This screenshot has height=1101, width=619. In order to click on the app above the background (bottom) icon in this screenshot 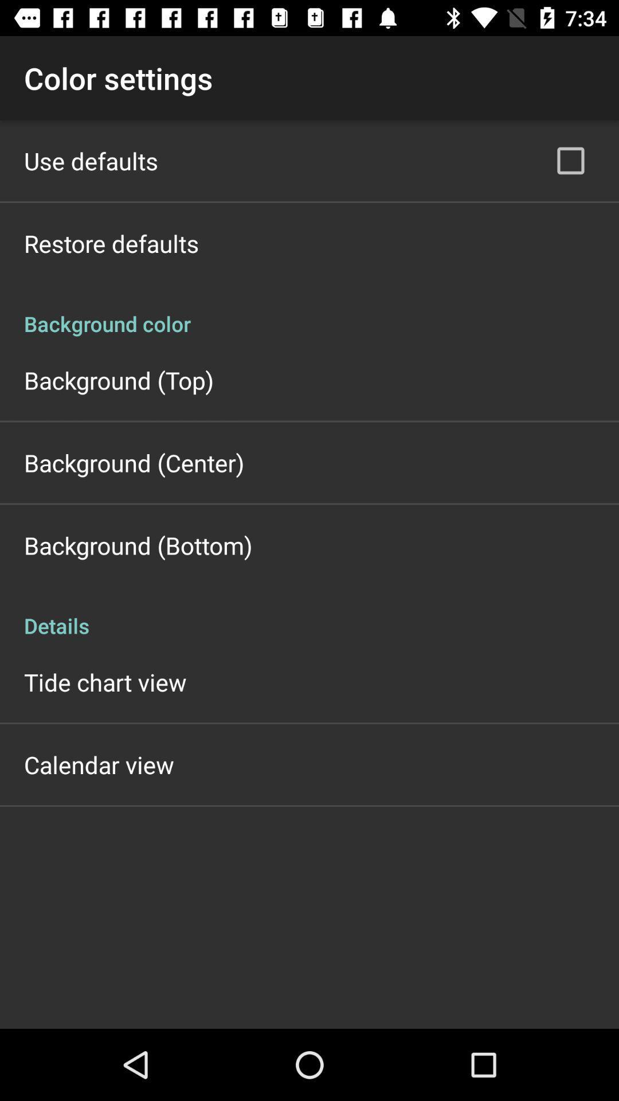, I will do `click(134, 462)`.